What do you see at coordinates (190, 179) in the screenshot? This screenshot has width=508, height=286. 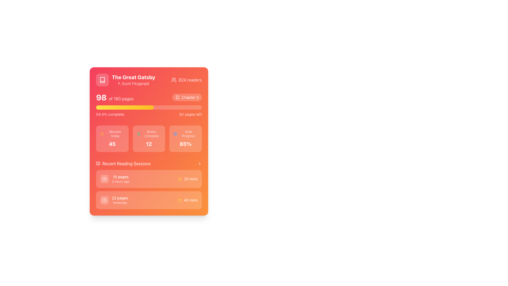 I see `the text label displaying '25 mins' which is styled in white against an orange background, located to the right of a star icon in the 'Recent Reading Sessions' section` at bounding box center [190, 179].